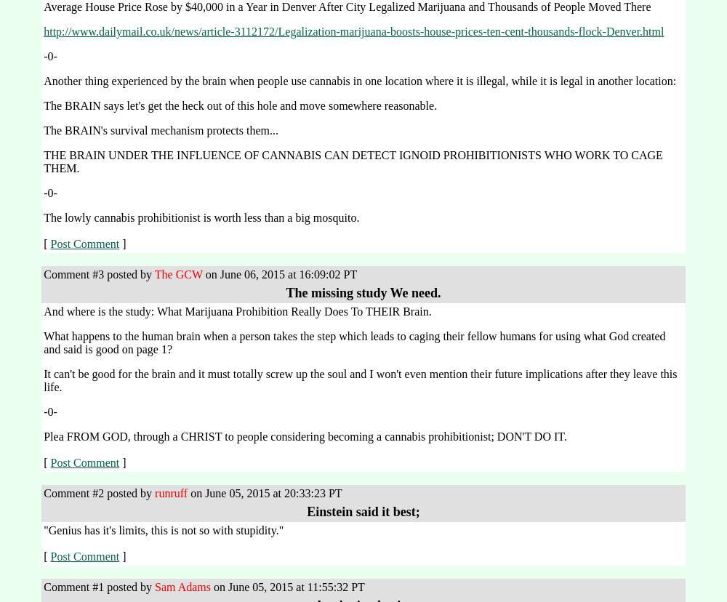 The height and width of the screenshot is (602, 727). Describe the element at coordinates (346, 7) in the screenshot. I see `'Average House Price Rose by $40,000 in a Year in Denver After City Legalized Marijuana and Thousands of People Moved There'` at that location.